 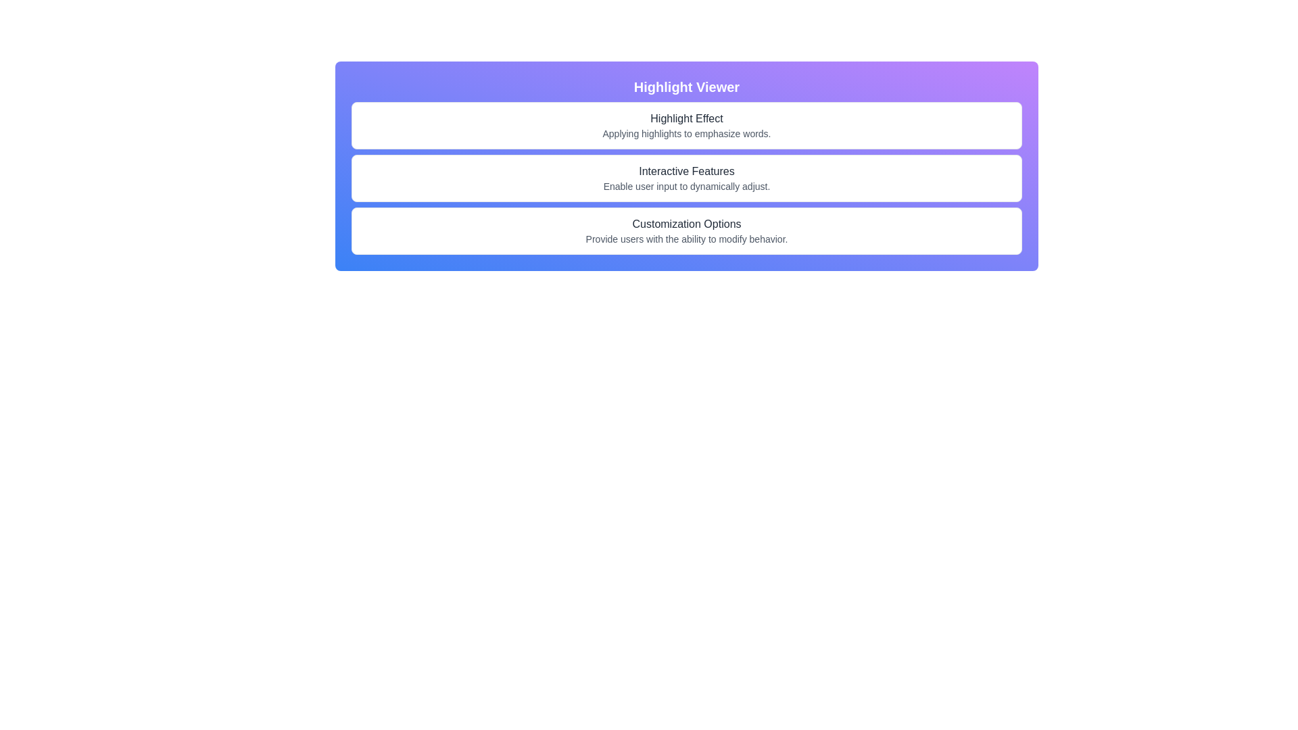 What do you see at coordinates (690, 170) in the screenshot?
I see `the spacing component that separates the words 'Interactive' and 'Features' within the 'Interactive Features' text group, located under the header 'Highlight Viewer'` at bounding box center [690, 170].